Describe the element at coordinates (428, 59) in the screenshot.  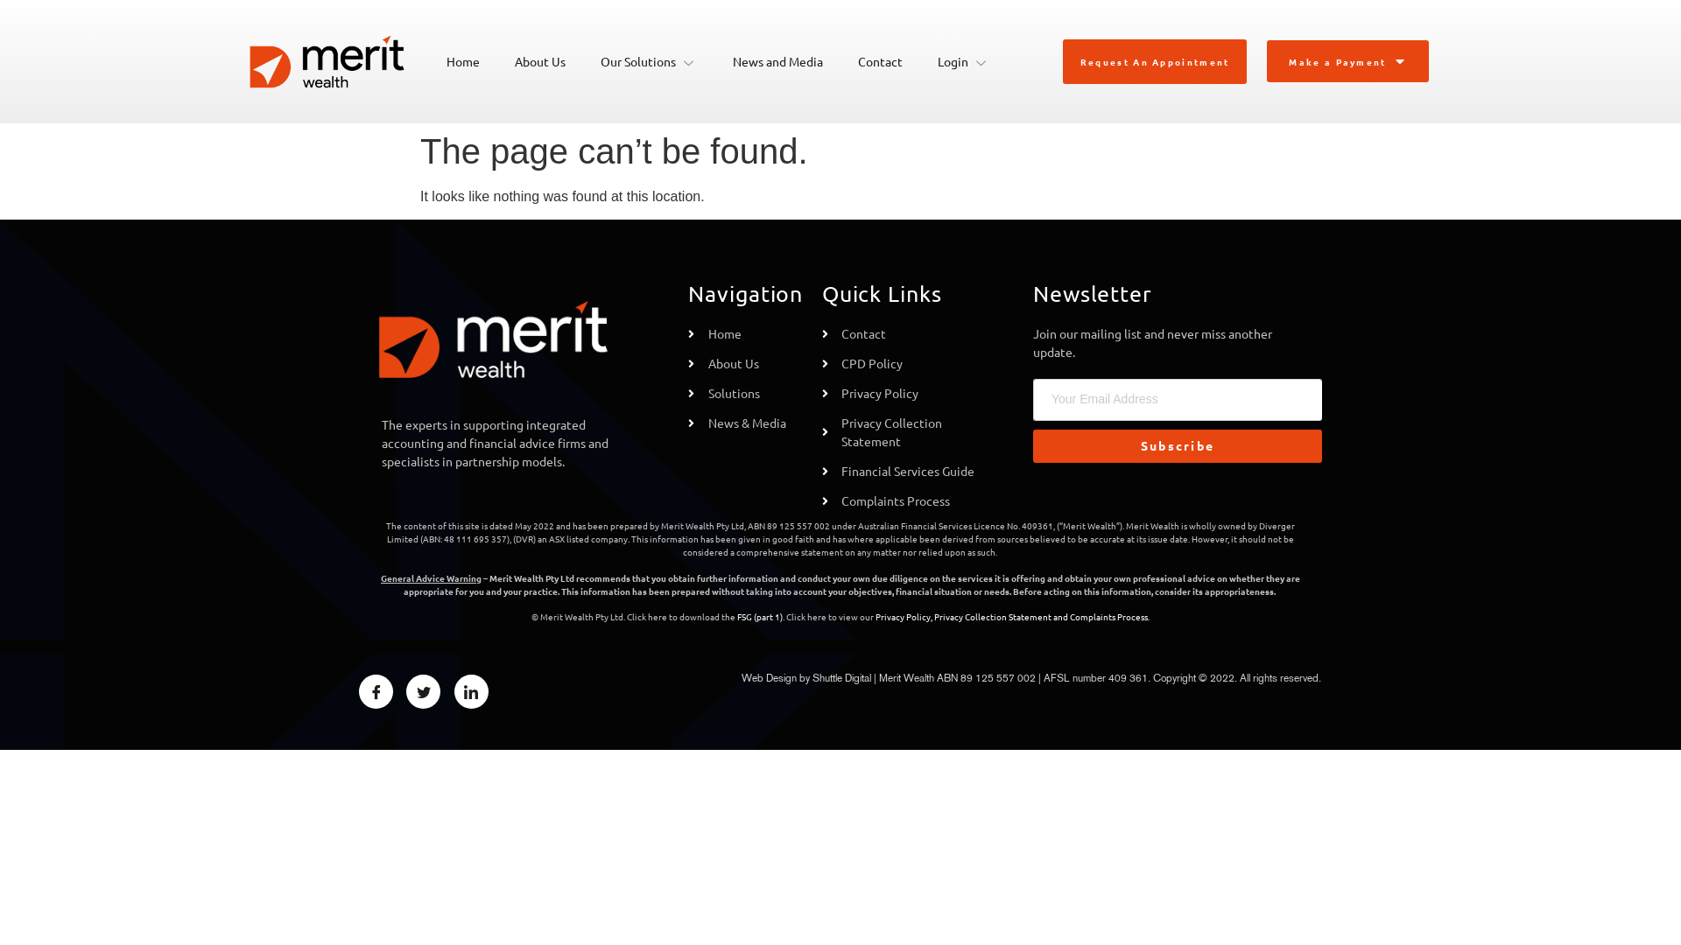
I see `'Home'` at that location.